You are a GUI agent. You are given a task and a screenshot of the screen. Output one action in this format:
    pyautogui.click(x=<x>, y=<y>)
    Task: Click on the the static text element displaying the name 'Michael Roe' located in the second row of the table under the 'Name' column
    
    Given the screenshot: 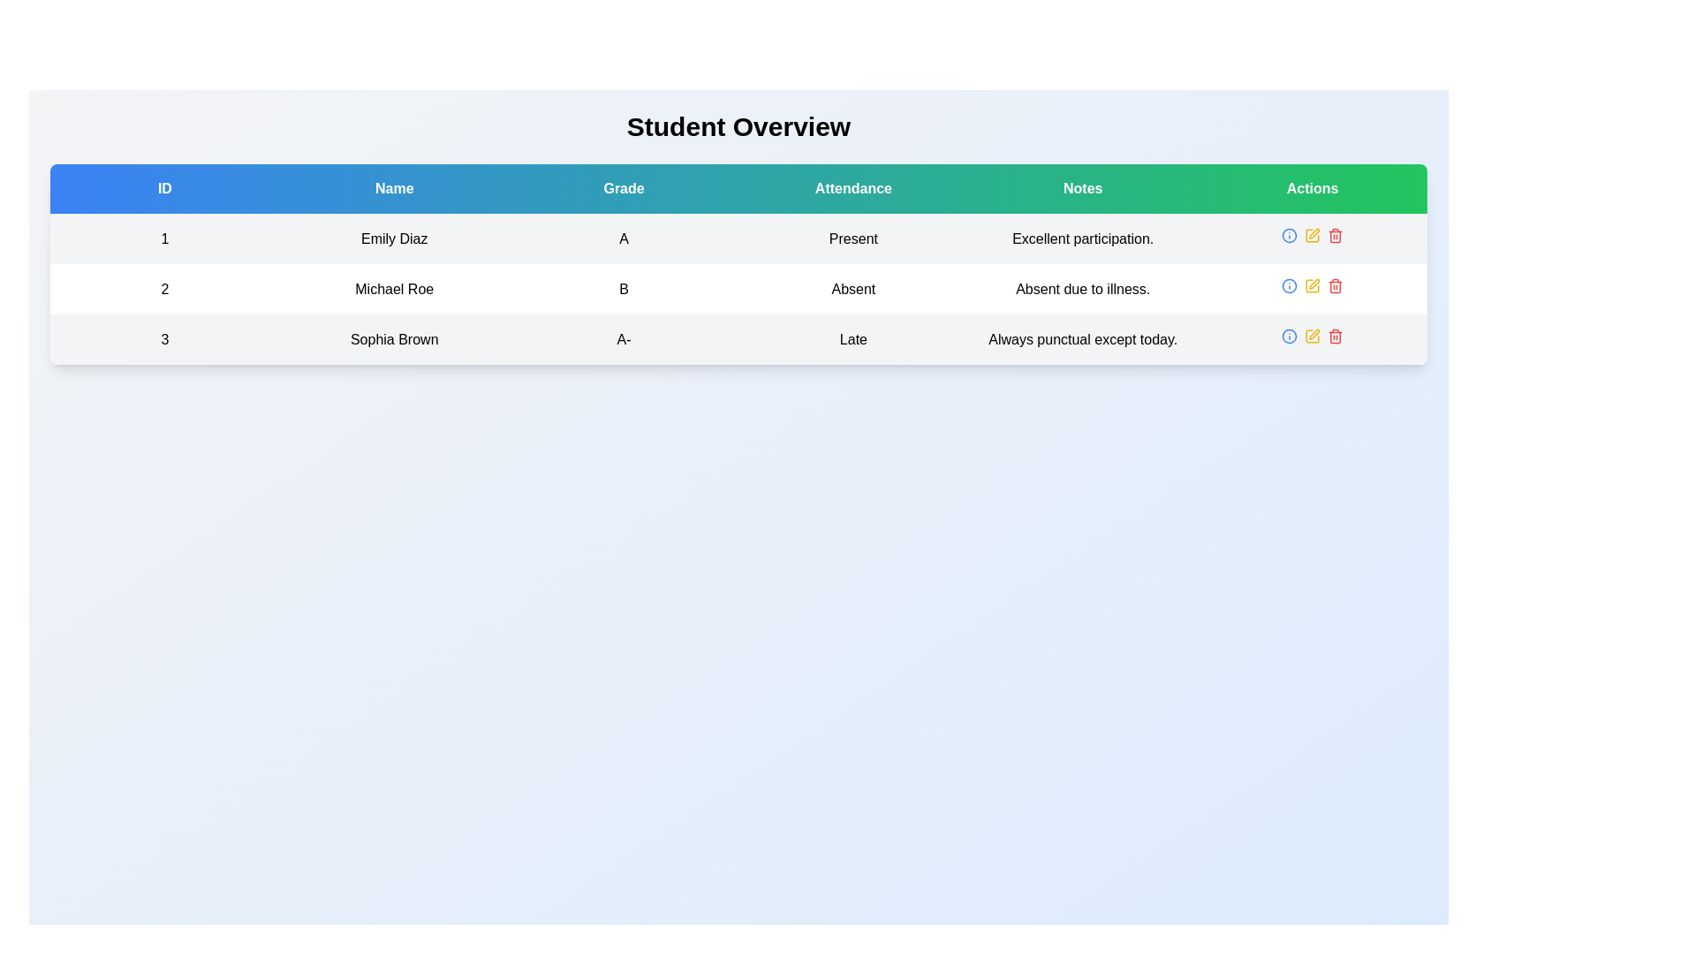 What is the action you would take?
    pyautogui.click(x=393, y=288)
    